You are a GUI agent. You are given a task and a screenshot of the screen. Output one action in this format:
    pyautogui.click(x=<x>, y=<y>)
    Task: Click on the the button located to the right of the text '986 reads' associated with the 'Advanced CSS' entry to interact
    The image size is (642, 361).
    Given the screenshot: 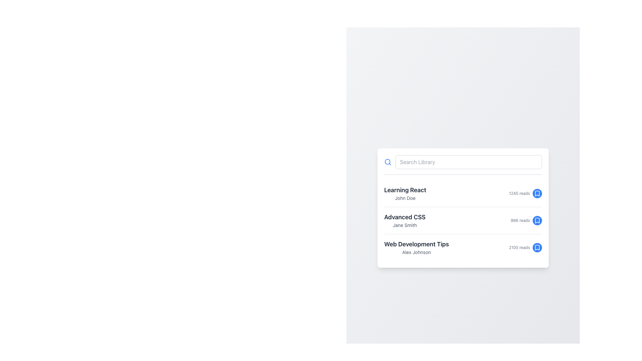 What is the action you would take?
    pyautogui.click(x=537, y=220)
    